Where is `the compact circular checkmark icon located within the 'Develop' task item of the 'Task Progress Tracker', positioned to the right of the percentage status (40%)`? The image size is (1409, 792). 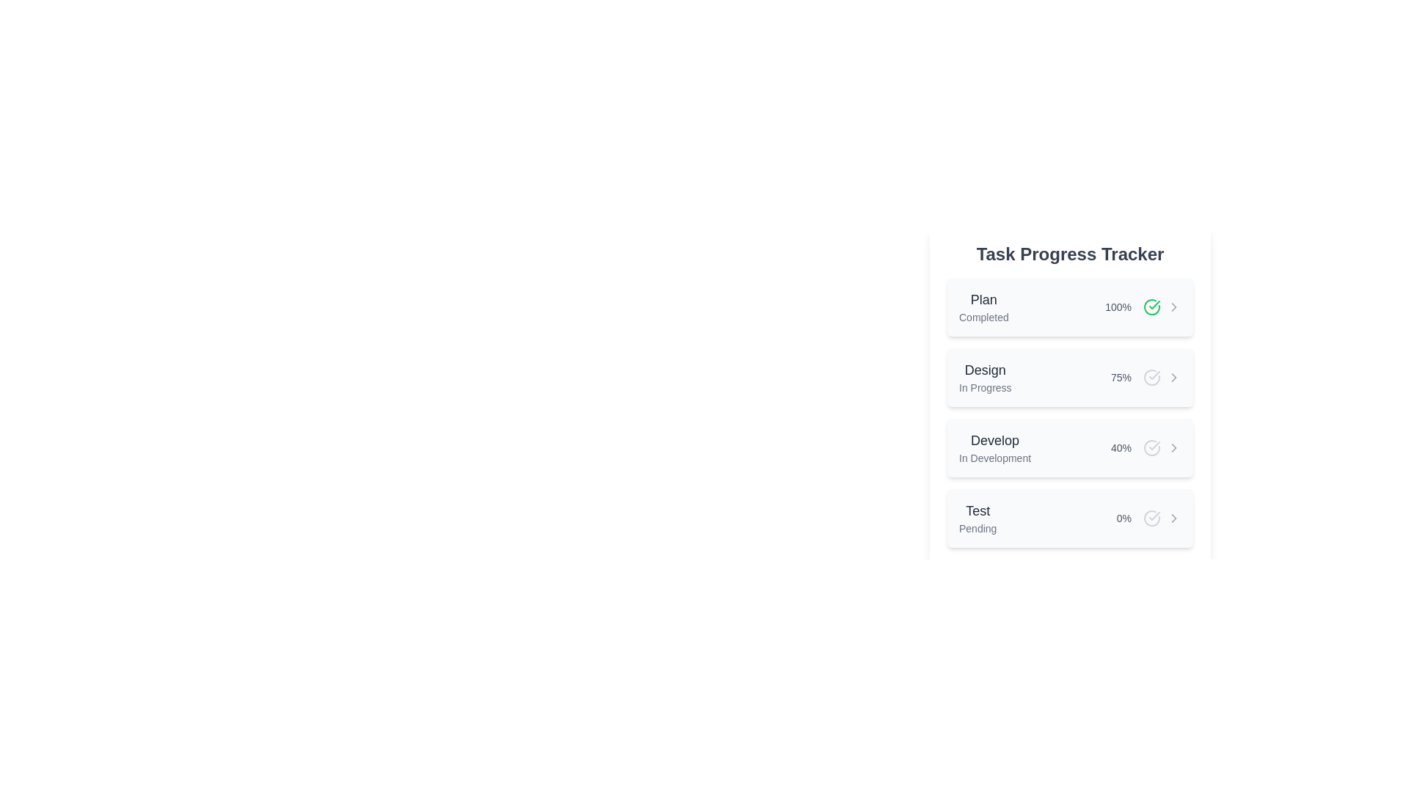 the compact circular checkmark icon located within the 'Develop' task item of the 'Task Progress Tracker', positioned to the right of the percentage status (40%) is located at coordinates (1151, 447).